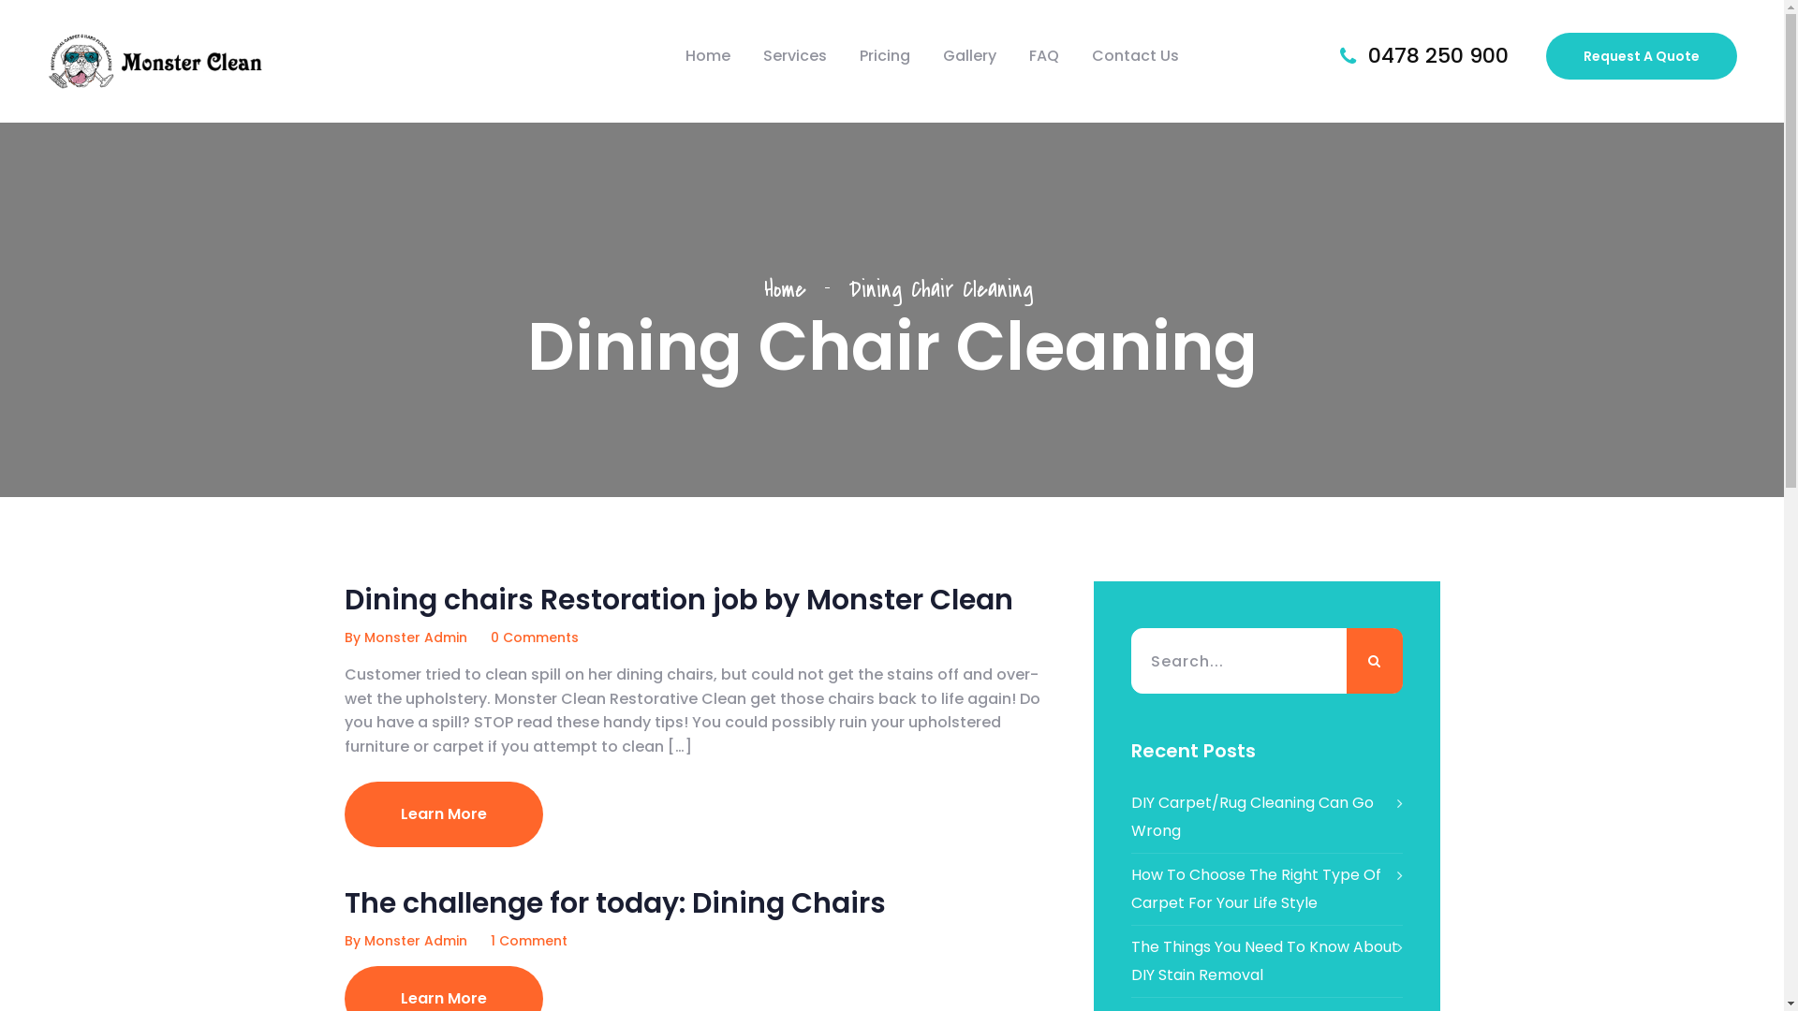 The width and height of the screenshot is (1798, 1011). Describe the element at coordinates (939, 288) in the screenshot. I see `'Dining Chair Cleaning'` at that location.